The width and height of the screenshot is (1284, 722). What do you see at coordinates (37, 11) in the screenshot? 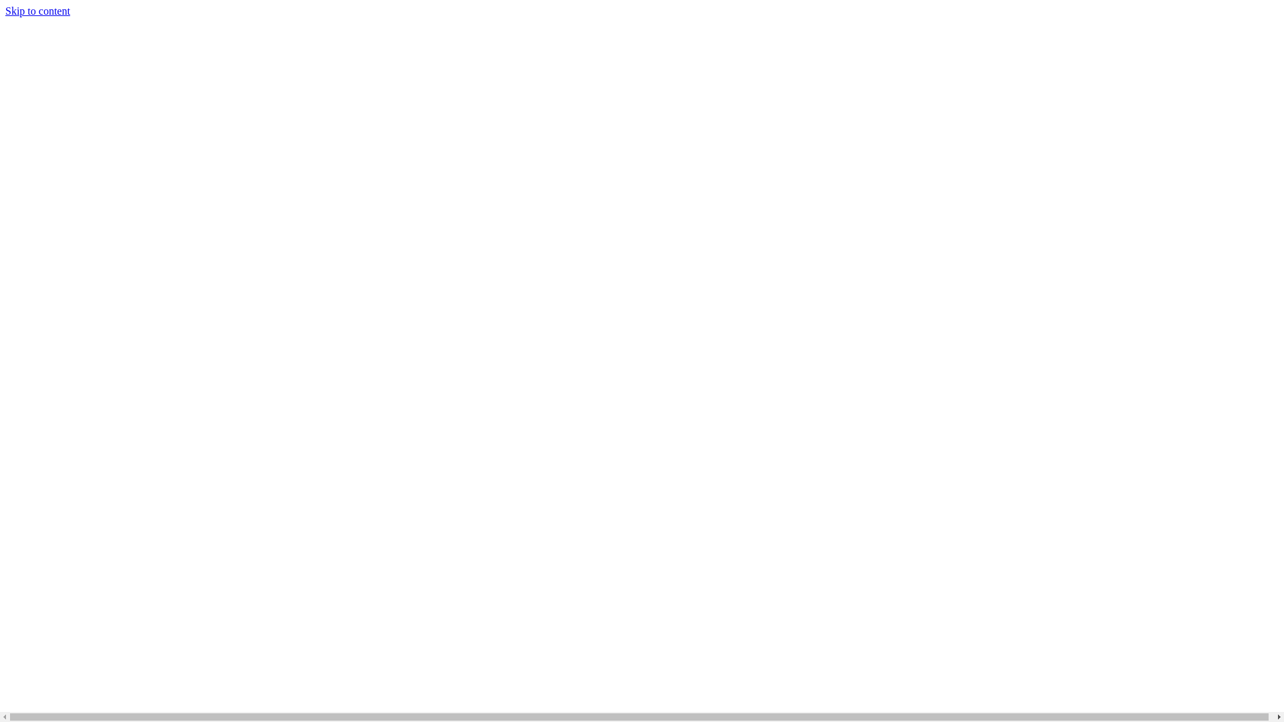
I see `'Skip to content'` at bounding box center [37, 11].